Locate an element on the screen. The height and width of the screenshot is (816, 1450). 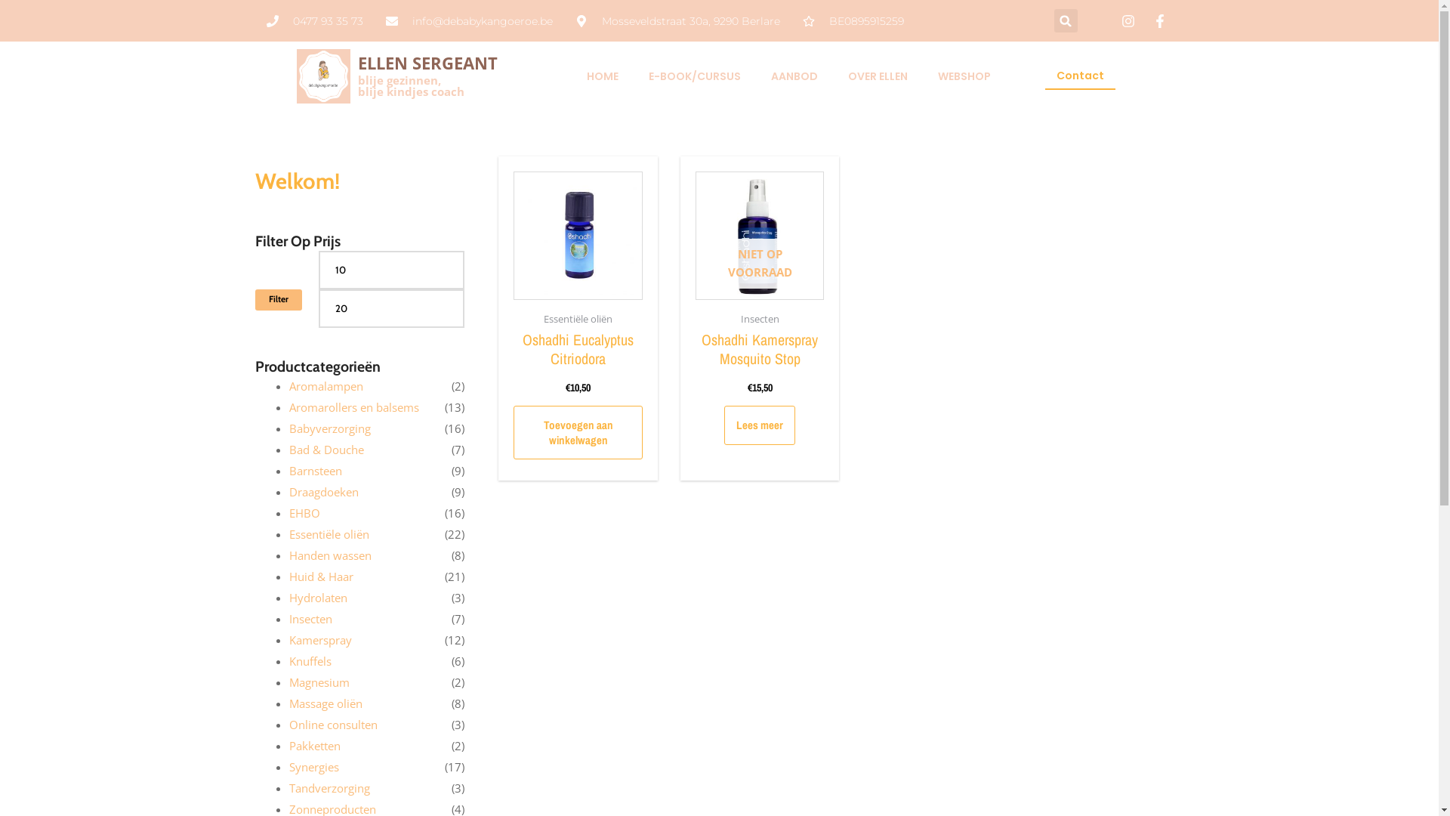
'Handen wassen' is located at coordinates (288, 555).